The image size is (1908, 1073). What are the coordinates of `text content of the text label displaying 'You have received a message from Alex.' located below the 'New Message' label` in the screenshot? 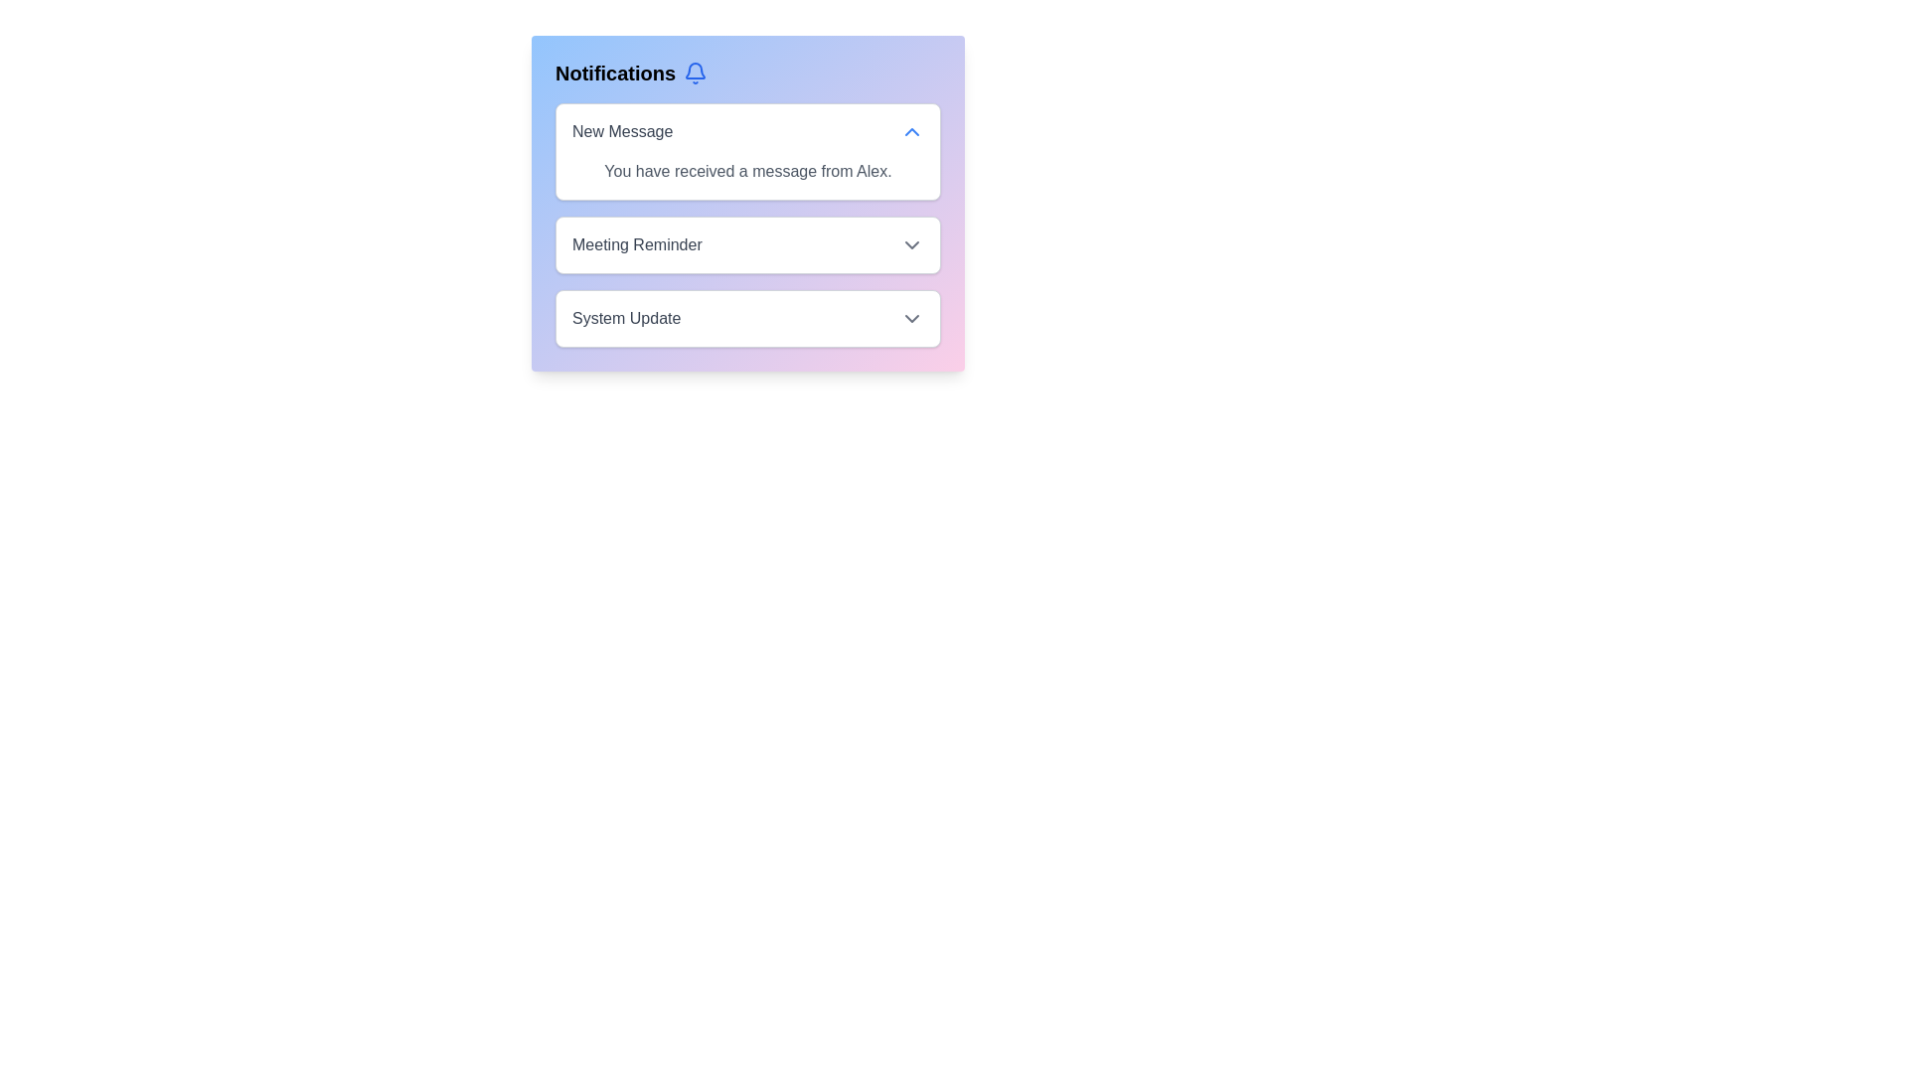 It's located at (747, 171).